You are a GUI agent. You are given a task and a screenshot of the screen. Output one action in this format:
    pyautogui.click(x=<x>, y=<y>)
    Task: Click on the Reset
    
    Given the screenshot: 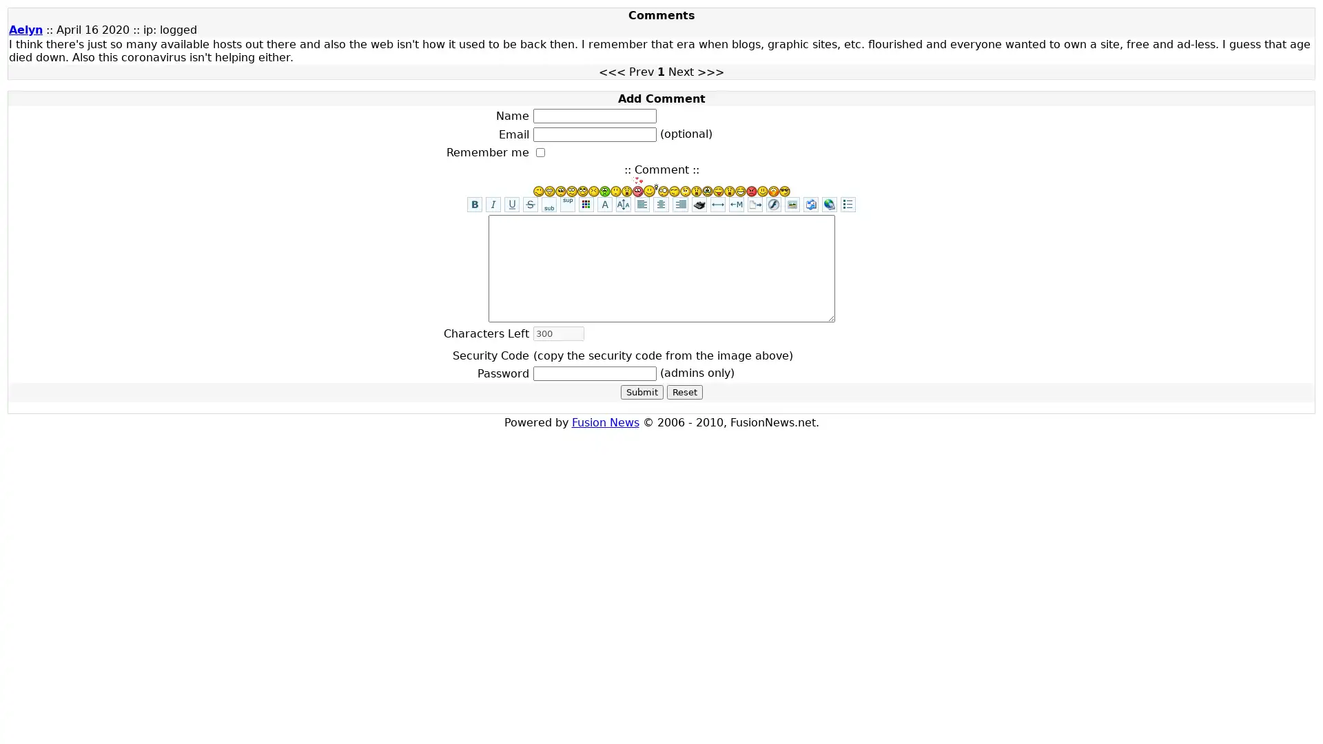 What is the action you would take?
    pyautogui.click(x=684, y=392)
    